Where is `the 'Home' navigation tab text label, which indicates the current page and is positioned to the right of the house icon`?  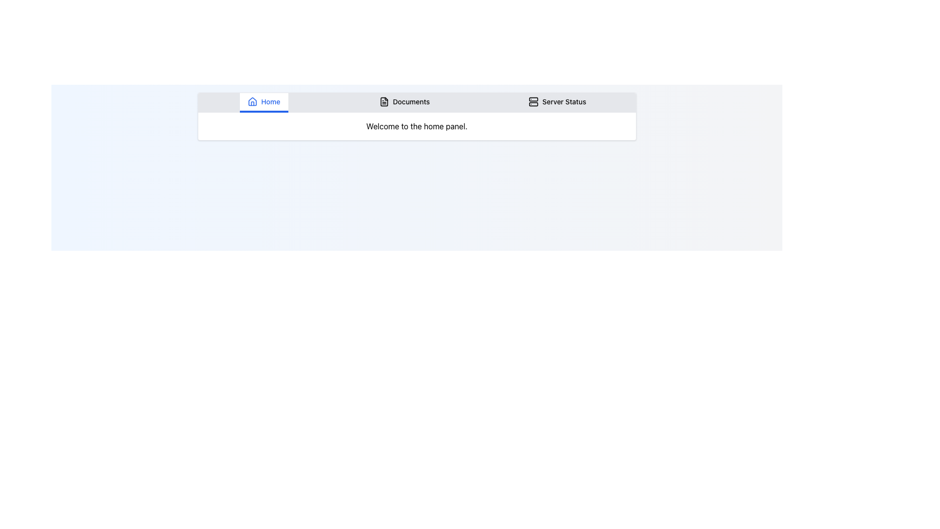 the 'Home' navigation tab text label, which indicates the current page and is positioned to the right of the house icon is located at coordinates (270, 102).